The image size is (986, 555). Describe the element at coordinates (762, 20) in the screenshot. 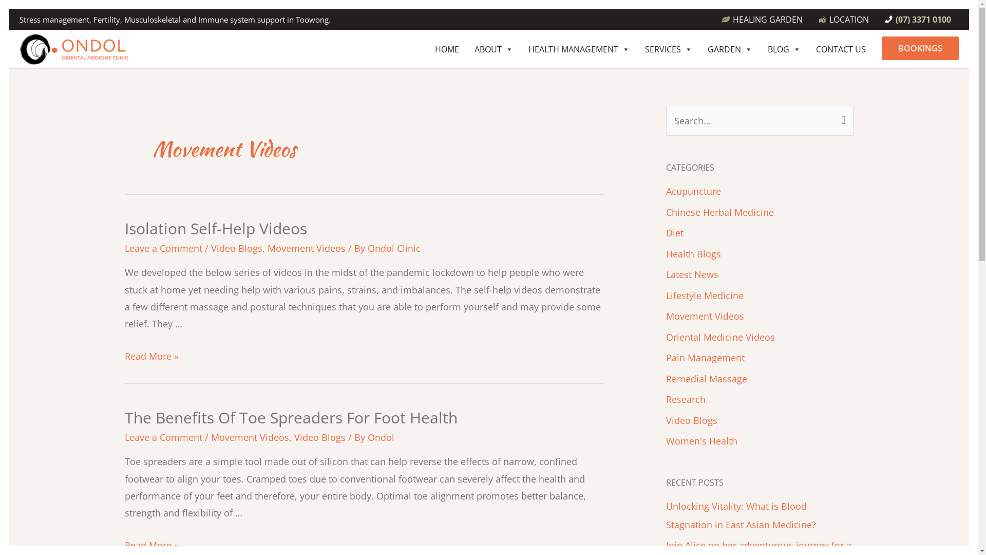

I see `'HEALING GARDEN'` at that location.